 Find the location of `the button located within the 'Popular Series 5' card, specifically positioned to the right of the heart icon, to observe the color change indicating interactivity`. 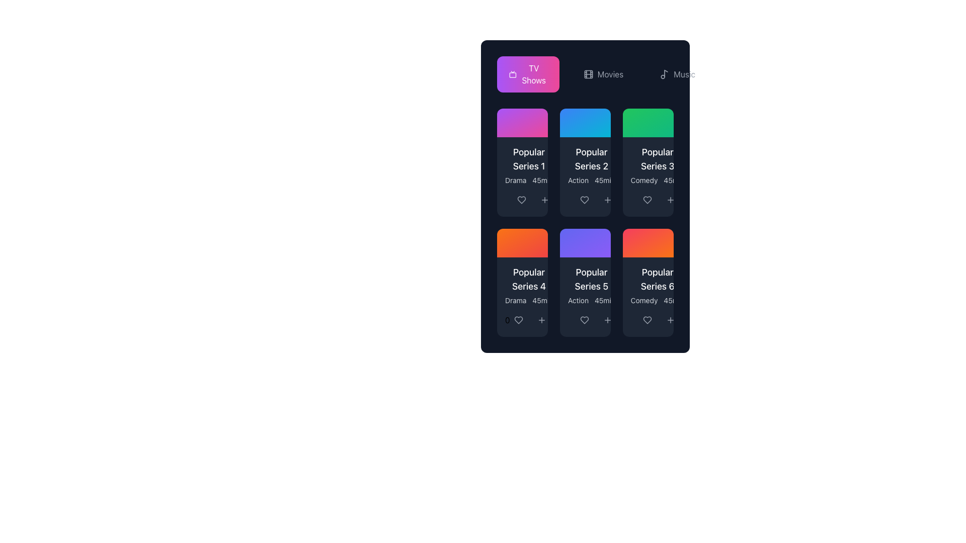

the button located within the 'Popular Series 5' card, specifically positioned to the right of the heart icon, to observe the color change indicating interactivity is located at coordinates (607, 320).